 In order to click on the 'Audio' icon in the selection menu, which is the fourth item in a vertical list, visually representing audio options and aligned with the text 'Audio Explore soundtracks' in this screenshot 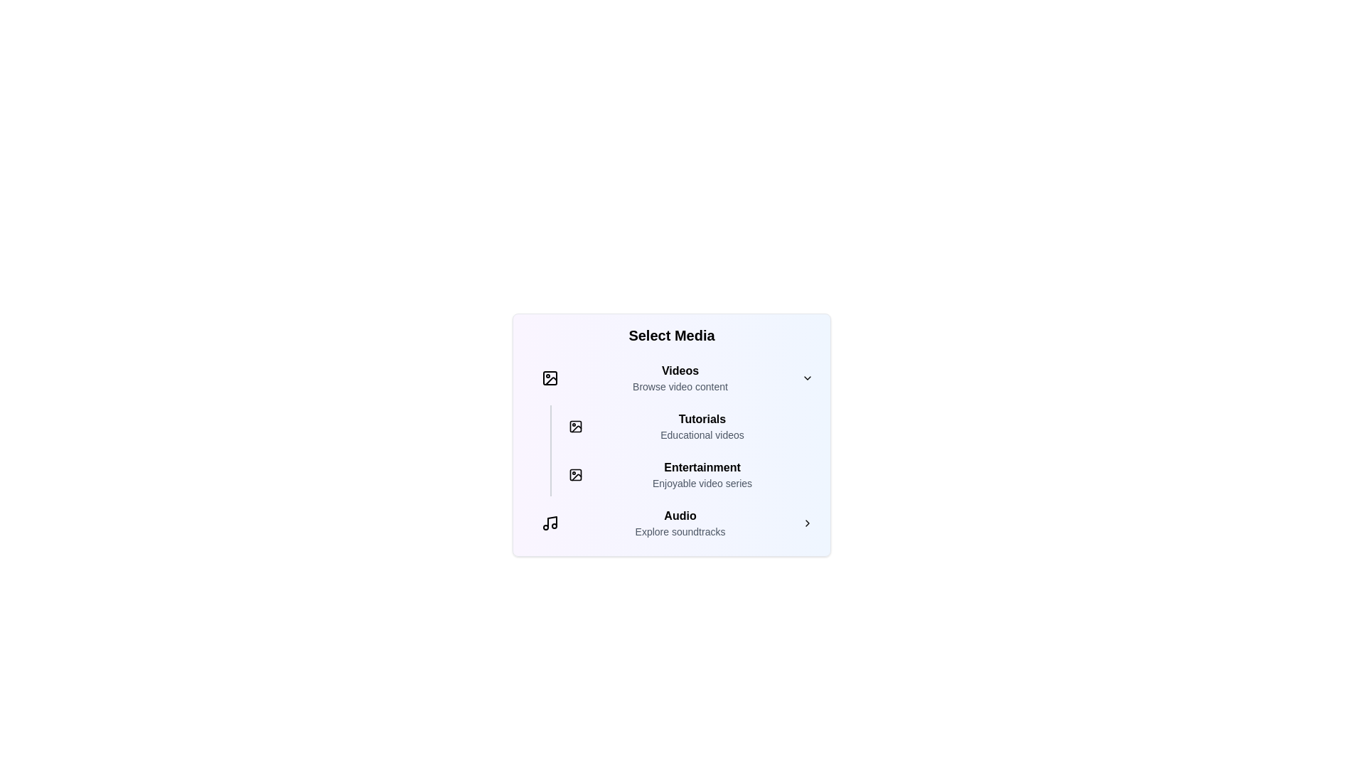, I will do `click(549, 523)`.